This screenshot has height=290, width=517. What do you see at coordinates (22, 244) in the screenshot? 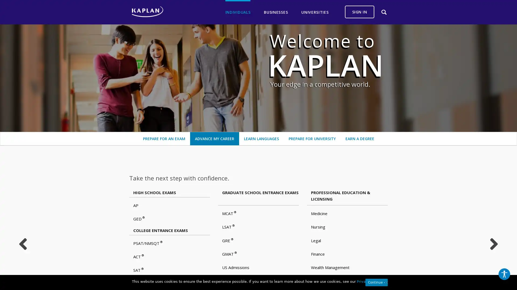
I see `Previous` at bounding box center [22, 244].